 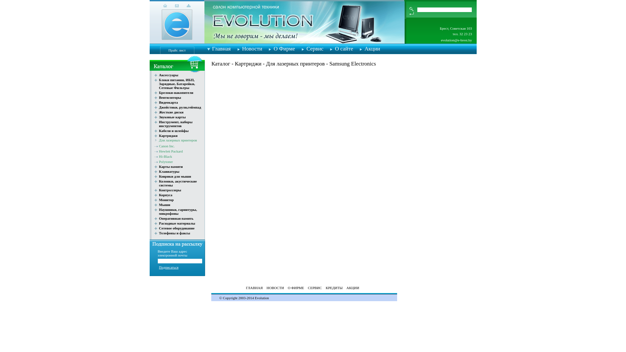 I want to click on 'Polytoner', so click(x=166, y=161).